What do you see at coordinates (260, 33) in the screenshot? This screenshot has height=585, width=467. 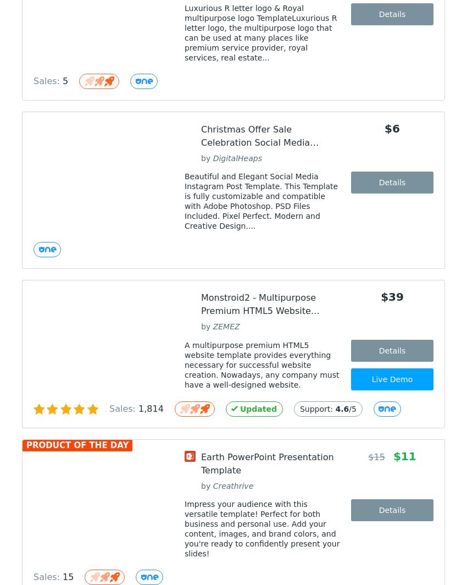 I see `'Luxurious R letter logo & Royal multipurpose logo TemplateLuxurious R letter logo, the multipurpose logo that can be used at many places like premium service provider, royal services, real estate...'` at bounding box center [260, 33].